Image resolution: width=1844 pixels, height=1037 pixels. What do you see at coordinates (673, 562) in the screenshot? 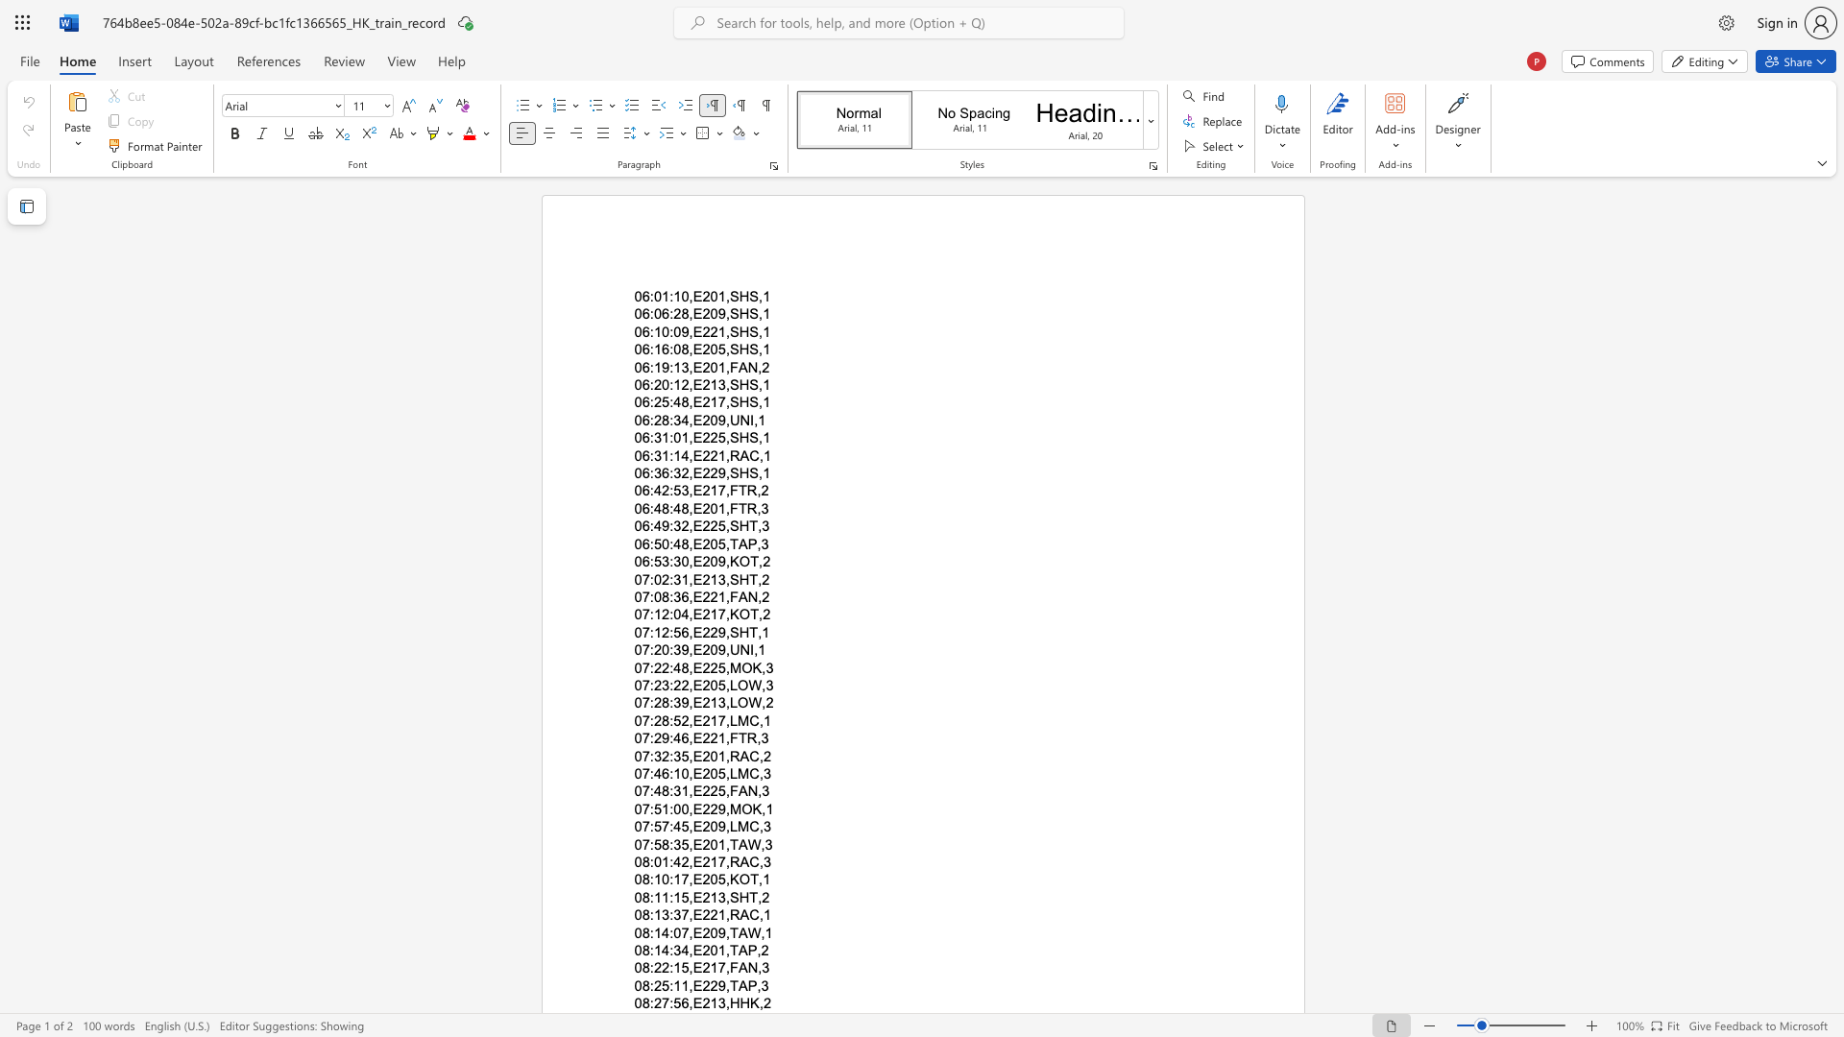
I see `the subset text "30,E209,KOT" within the text "06:53:30,E209,KOT,2"` at bounding box center [673, 562].